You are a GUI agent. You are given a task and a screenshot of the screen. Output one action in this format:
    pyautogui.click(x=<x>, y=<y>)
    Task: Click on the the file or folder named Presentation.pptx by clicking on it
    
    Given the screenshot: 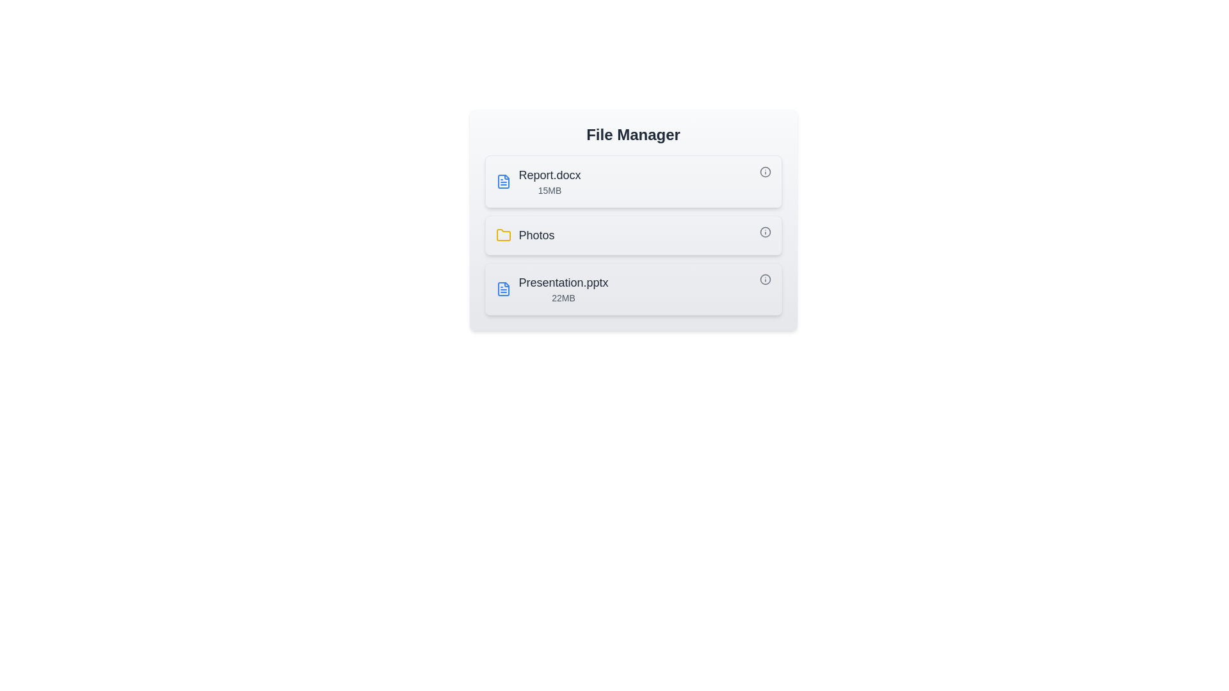 What is the action you would take?
    pyautogui.click(x=633, y=289)
    